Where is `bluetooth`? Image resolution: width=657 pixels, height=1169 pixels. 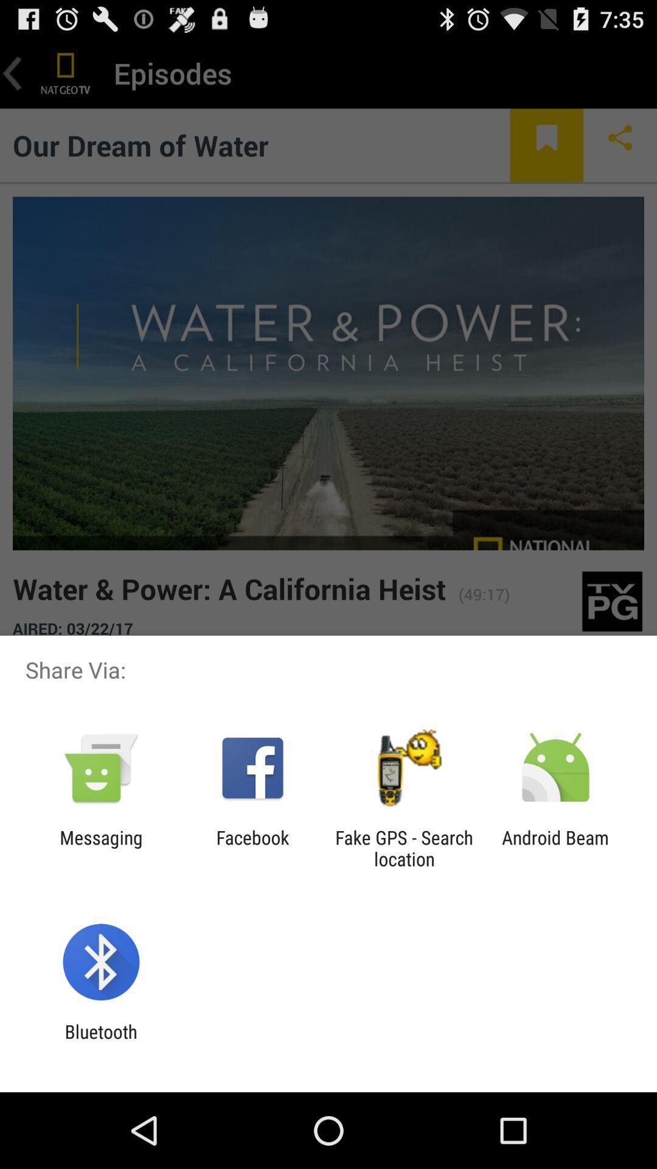
bluetooth is located at coordinates (100, 1042).